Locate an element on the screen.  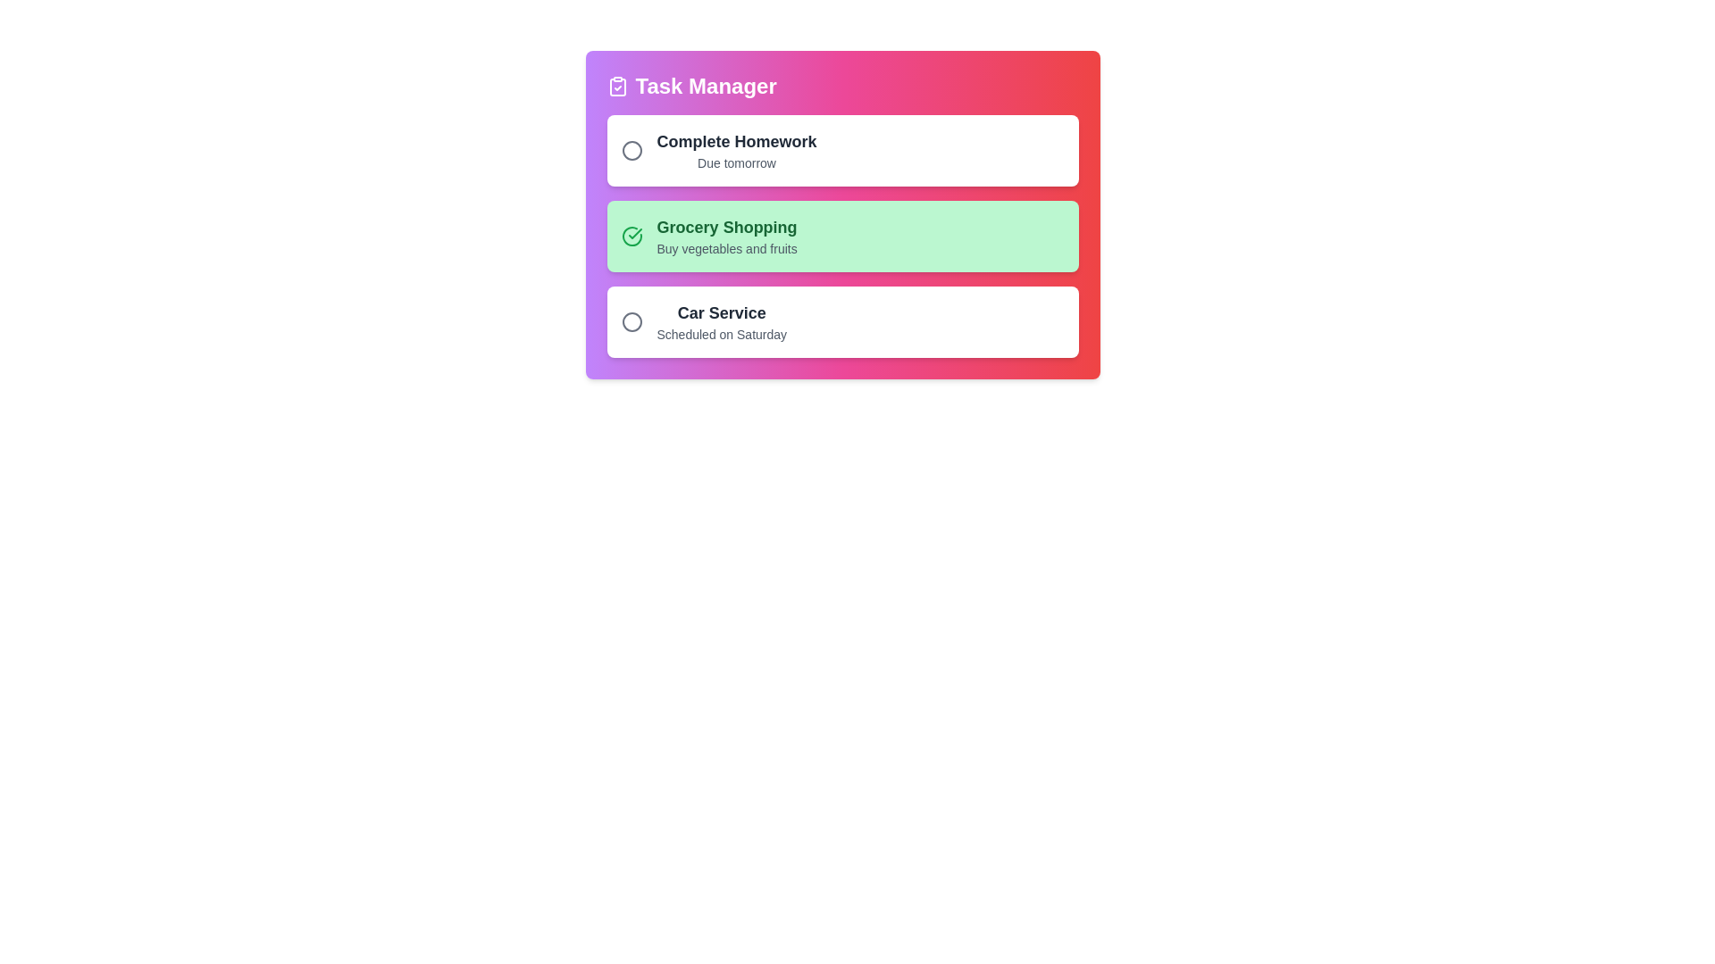
the circle next to the task titled 'Grocery Shopping' to mark it as completed is located at coordinates (632, 236).